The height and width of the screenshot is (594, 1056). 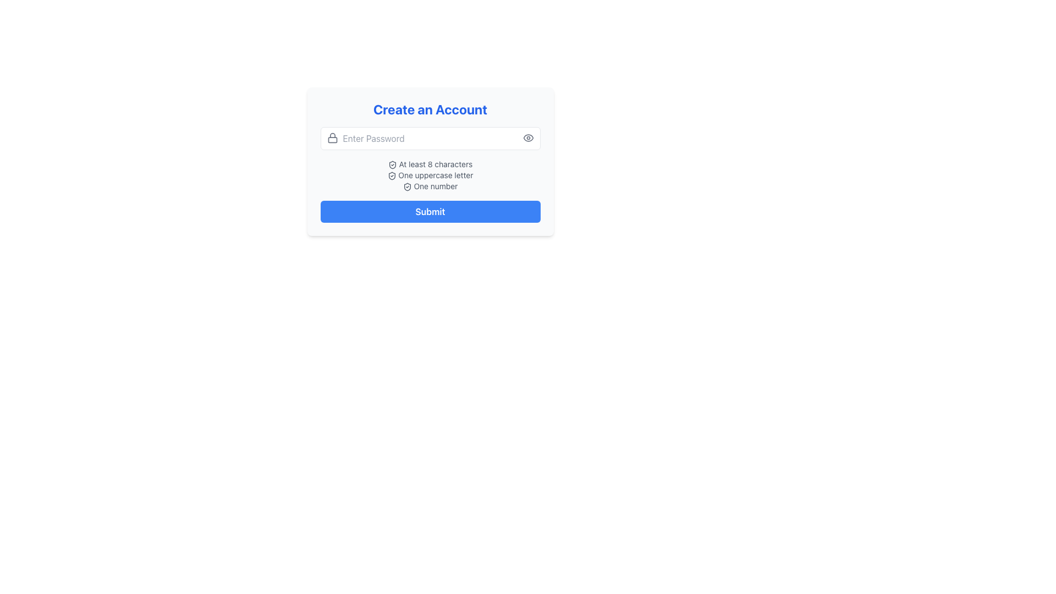 I want to click on the leftmost icon in the vertically stacked list of password criteria indicators located below the 'Enter Password' input field for visual state changes, indicating compliance with the password requirement of at least 8 characters, so click(x=392, y=165).